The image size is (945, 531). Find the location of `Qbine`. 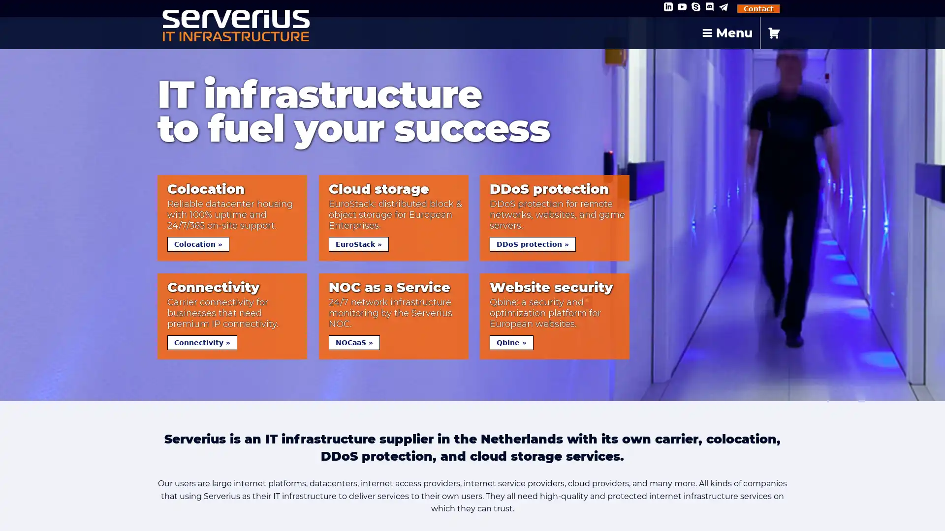

Qbine is located at coordinates (511, 341).